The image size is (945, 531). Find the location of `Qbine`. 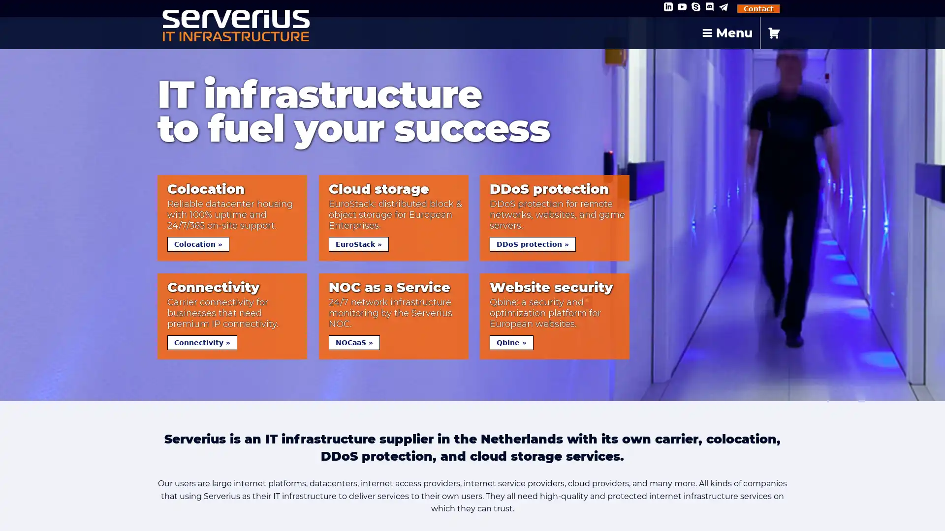

Qbine is located at coordinates (511, 341).